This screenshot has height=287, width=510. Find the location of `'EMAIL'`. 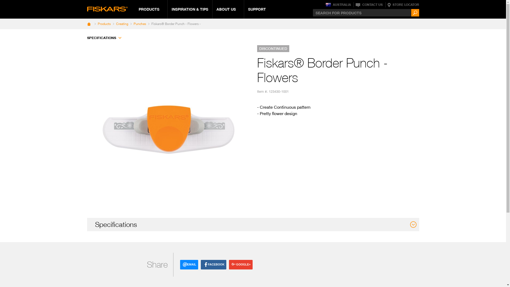

'EMAIL' is located at coordinates (189, 264).